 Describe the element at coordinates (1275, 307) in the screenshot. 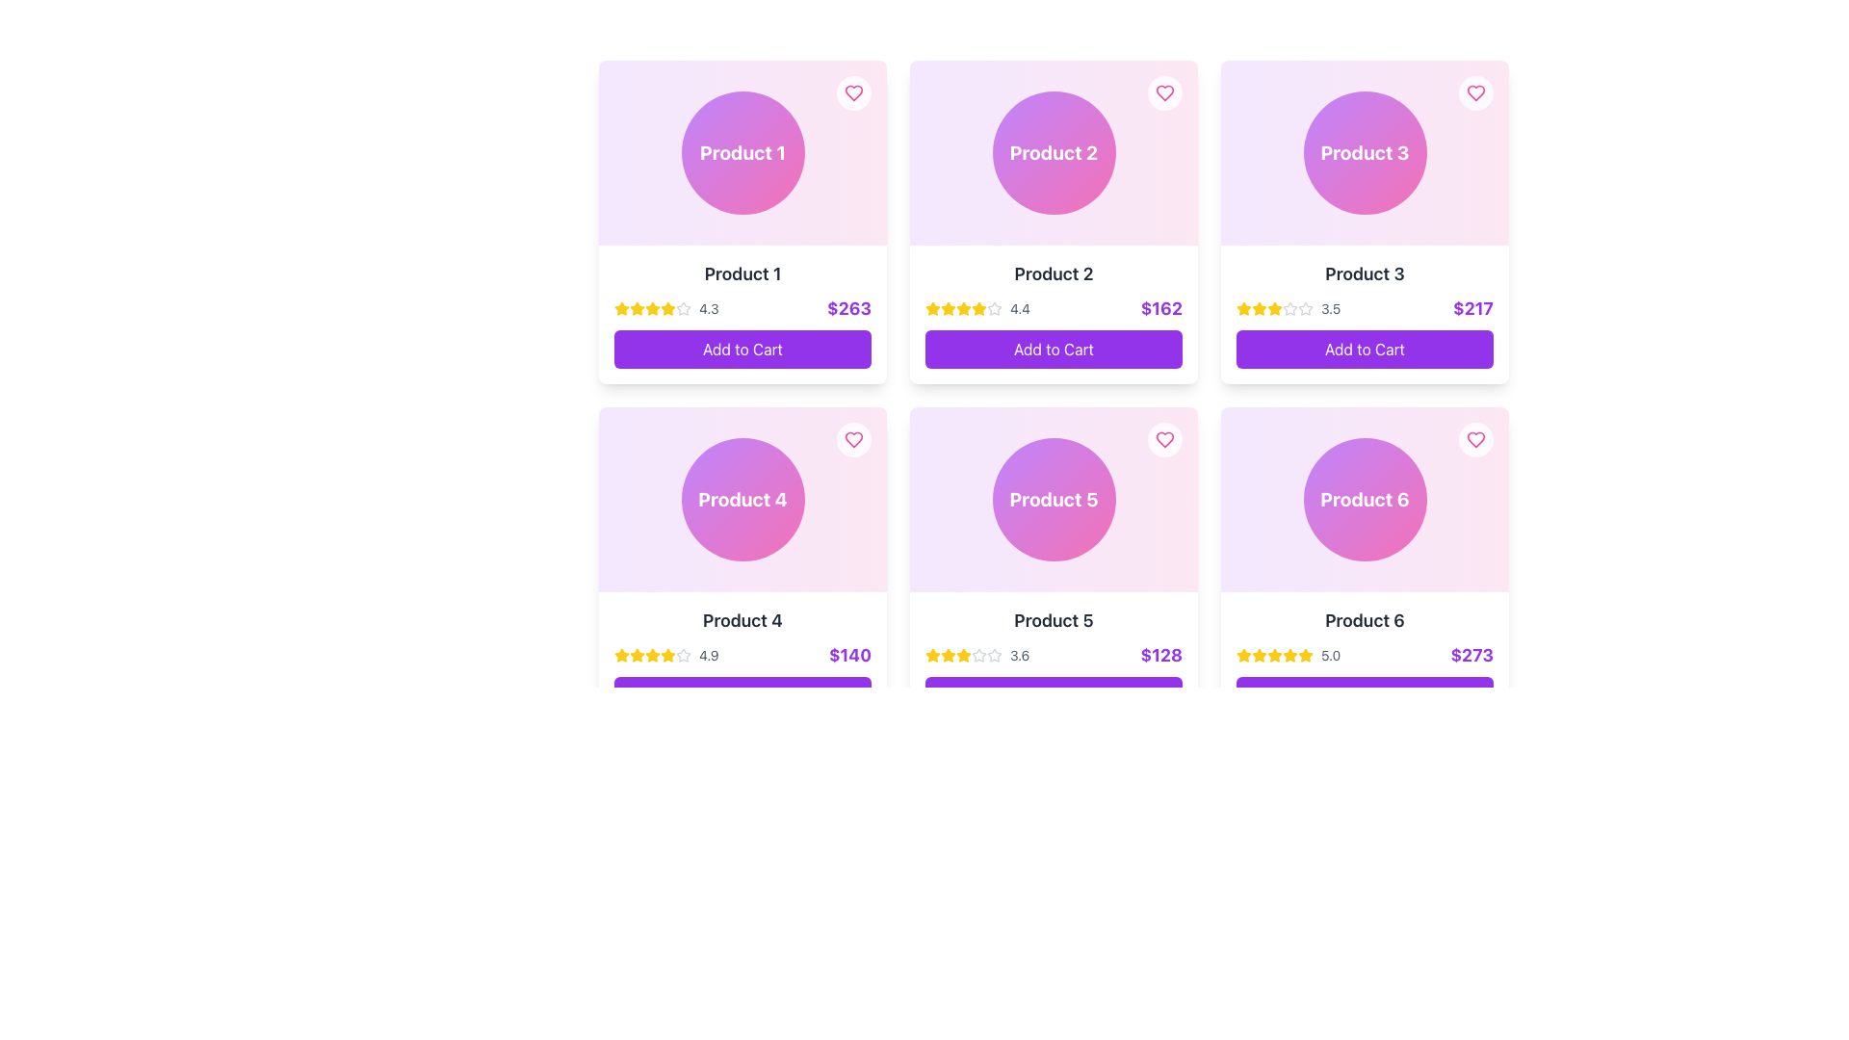

I see `the fourth yellow star icon in the rating display below the 'Product 3' card` at that location.